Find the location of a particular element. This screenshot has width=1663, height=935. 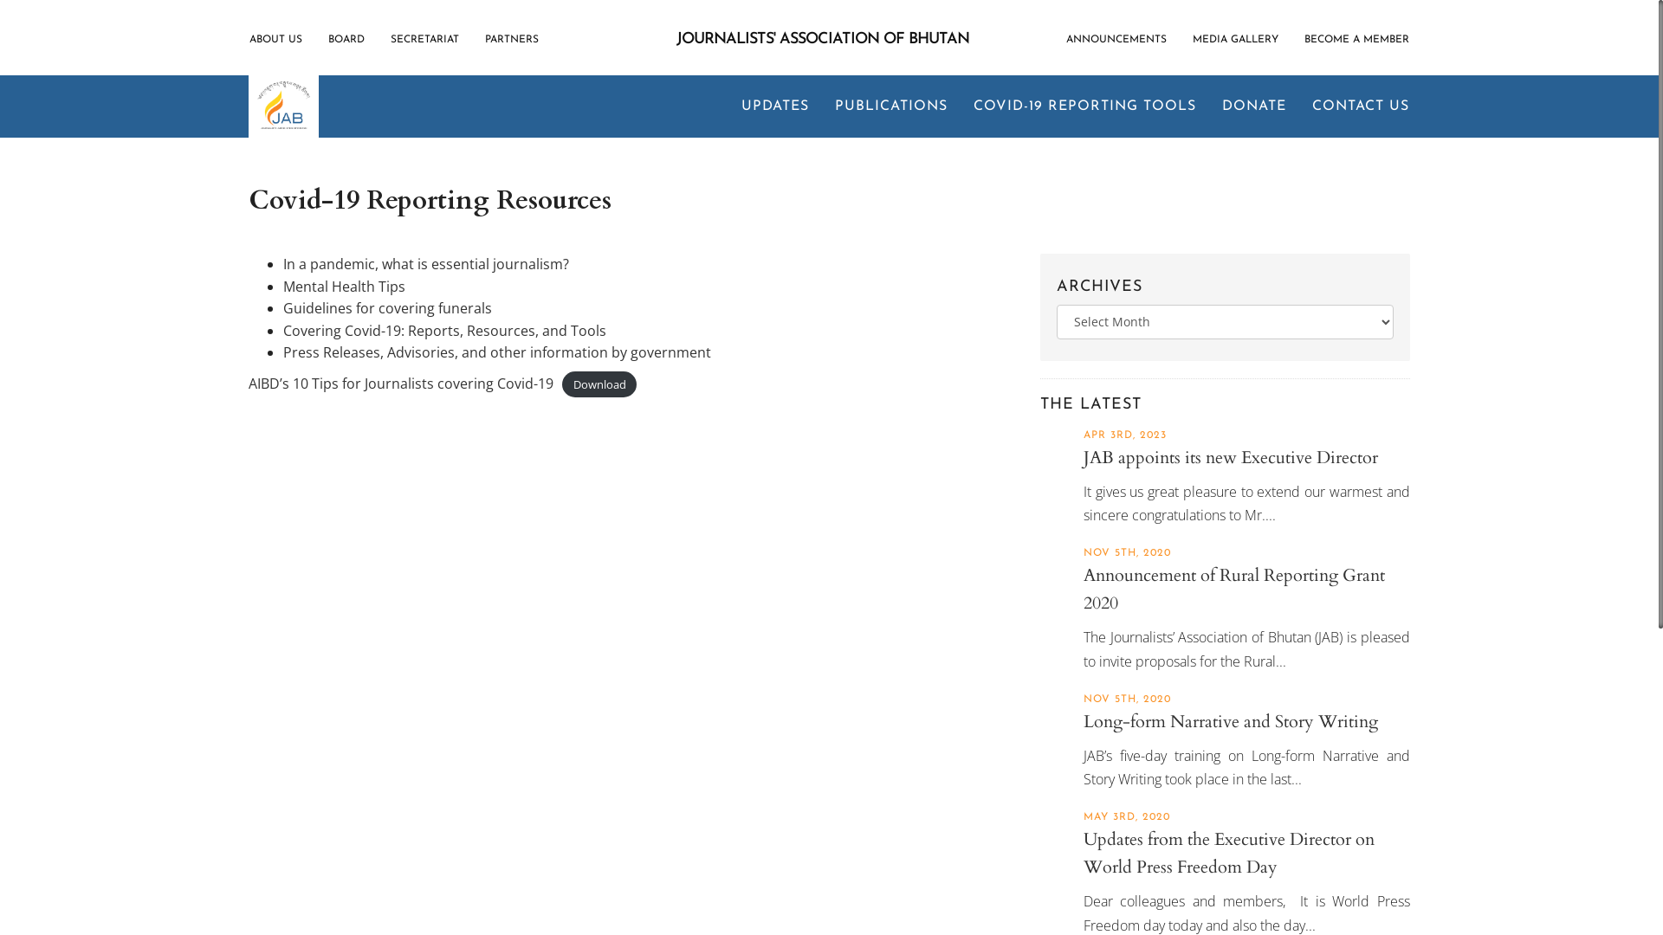

'BOARD' is located at coordinates (346, 39).